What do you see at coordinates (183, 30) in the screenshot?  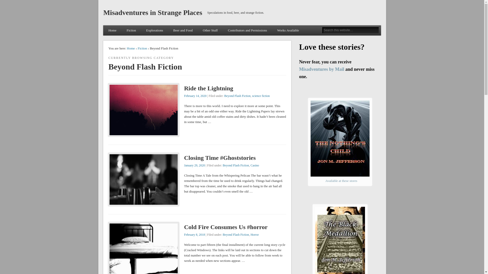 I see `'Beer and Food'` at bounding box center [183, 30].